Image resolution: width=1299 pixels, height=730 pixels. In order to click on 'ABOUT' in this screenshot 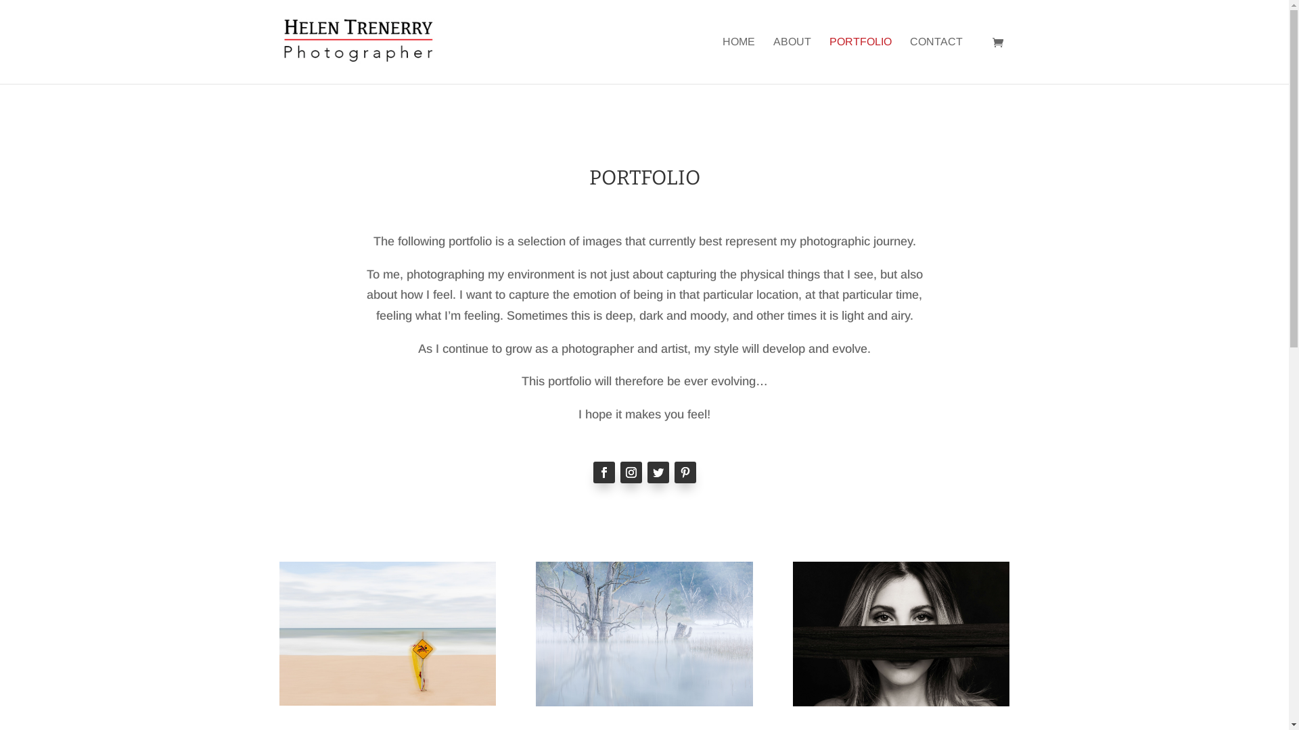, I will do `click(792, 59)`.